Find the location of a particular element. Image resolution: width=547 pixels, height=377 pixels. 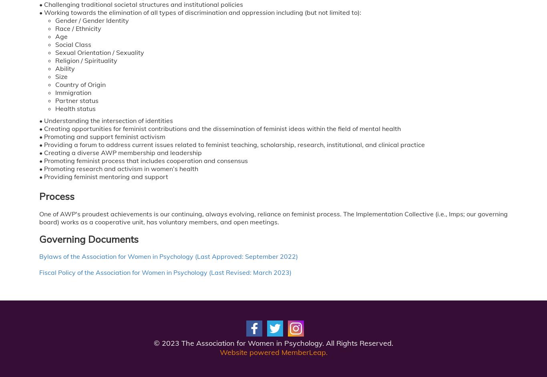

'• Working towards the elimination of all types of discrimination and oppression including (but not limited to):' is located at coordinates (200, 12).